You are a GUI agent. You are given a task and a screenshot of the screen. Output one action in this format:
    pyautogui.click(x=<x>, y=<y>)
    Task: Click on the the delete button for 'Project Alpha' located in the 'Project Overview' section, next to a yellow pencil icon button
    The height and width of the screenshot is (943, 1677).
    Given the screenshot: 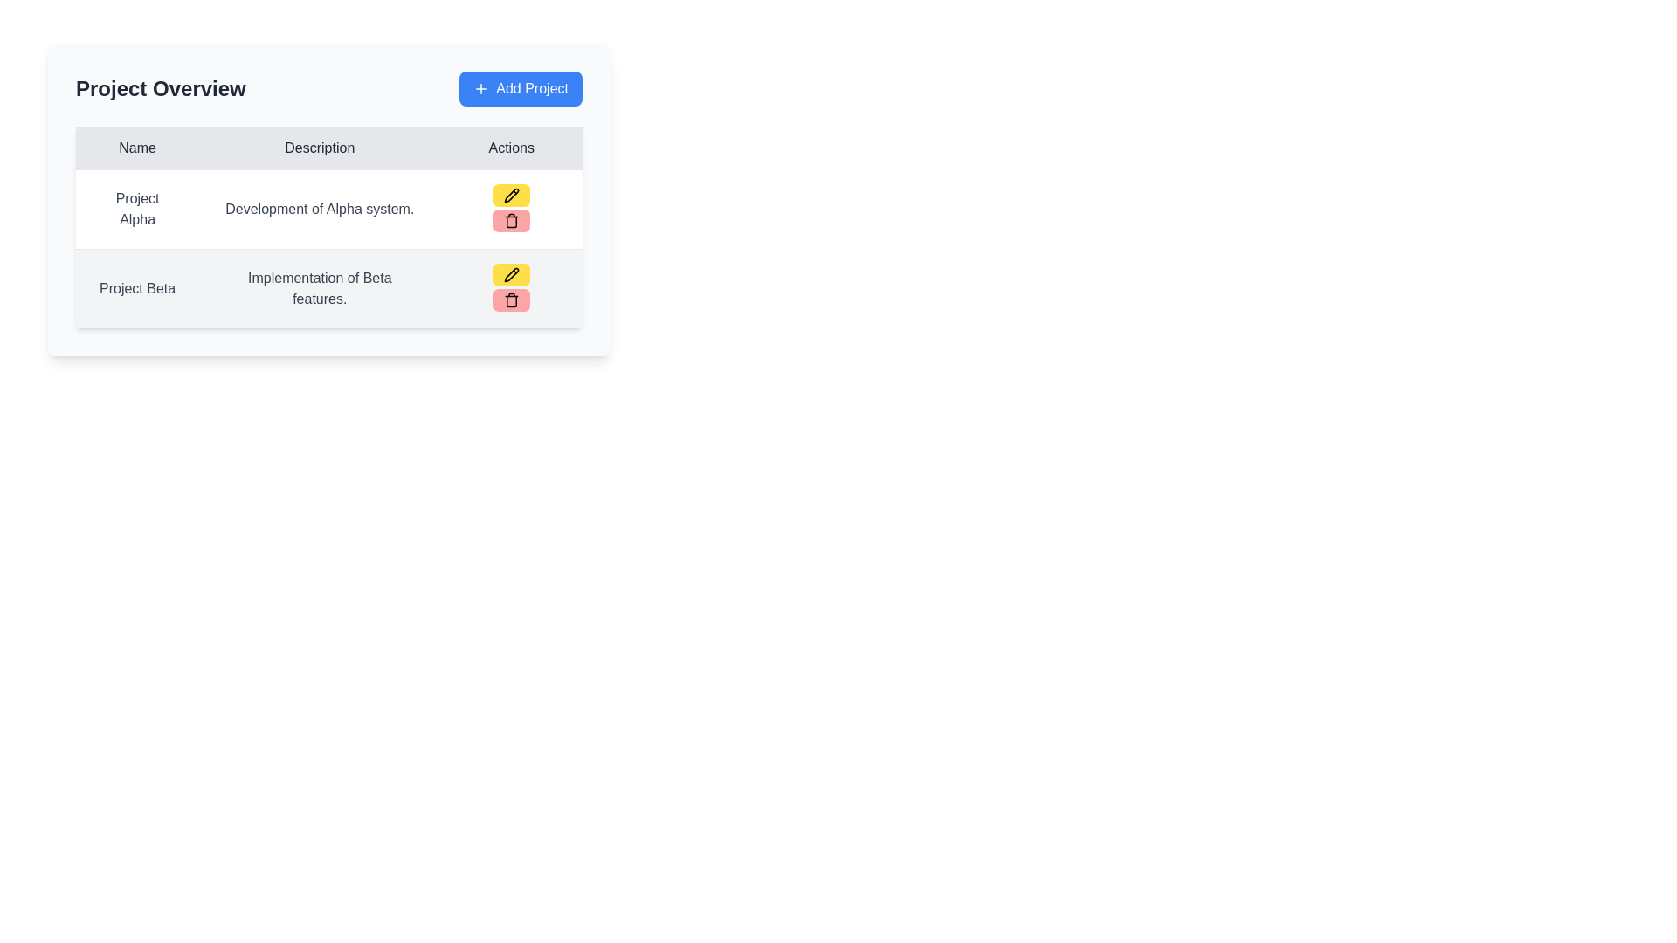 What is the action you would take?
    pyautogui.click(x=510, y=220)
    